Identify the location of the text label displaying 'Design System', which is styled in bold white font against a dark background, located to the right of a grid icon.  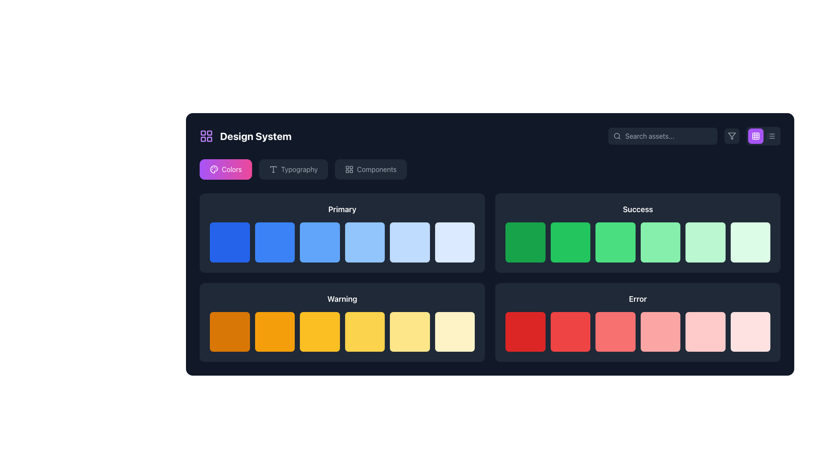
(255, 136).